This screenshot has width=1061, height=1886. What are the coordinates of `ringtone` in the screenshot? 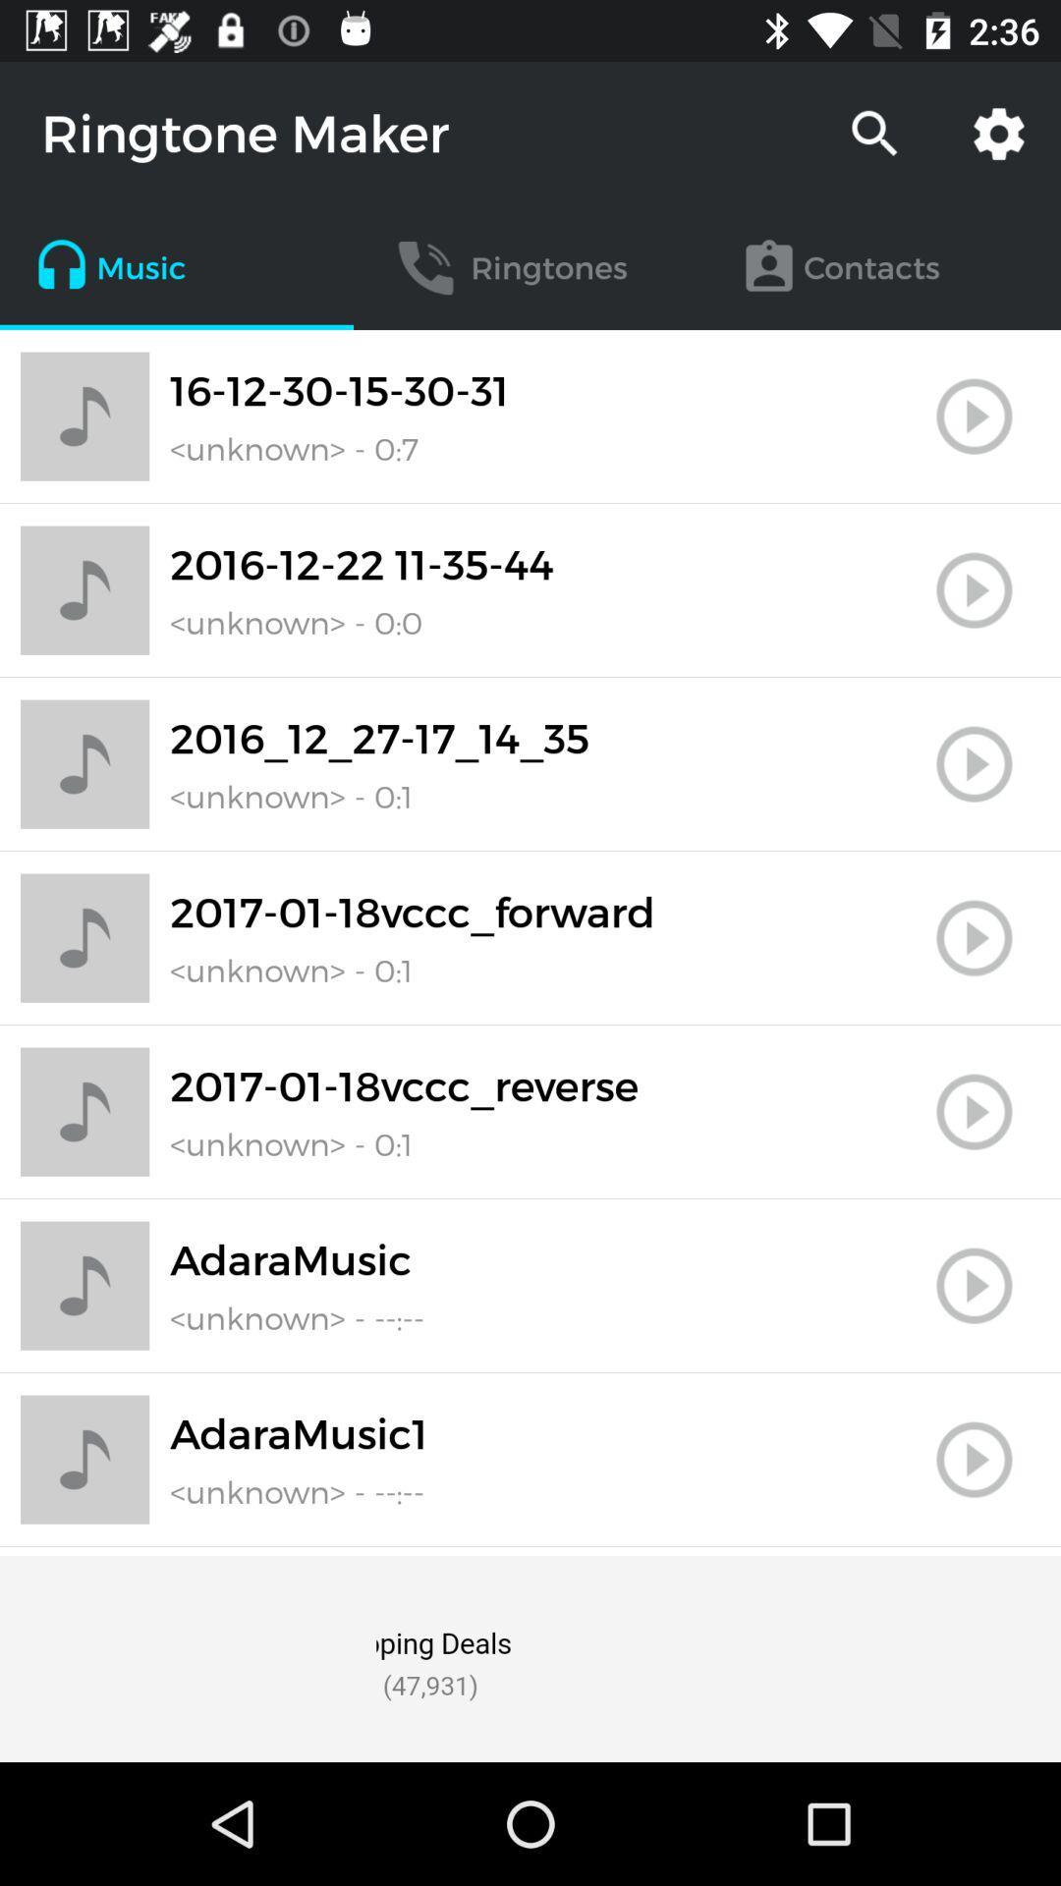 It's located at (974, 1112).